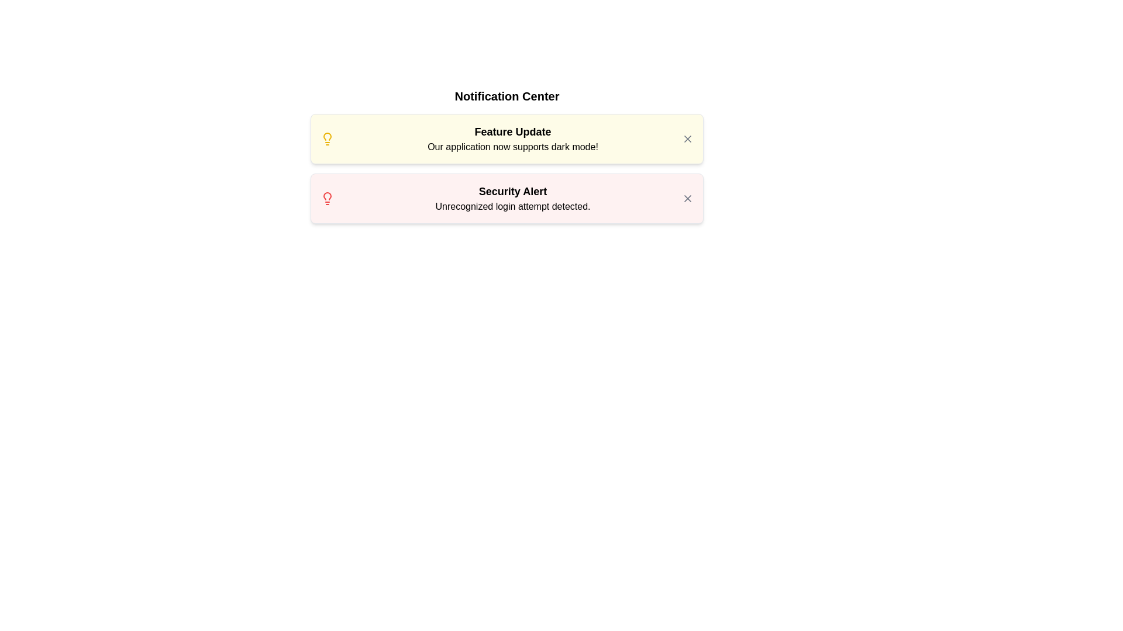 The image size is (1123, 631). I want to click on the close icon/button located at the top-right corner of the 'Feature Update' notification card, so click(688, 138).